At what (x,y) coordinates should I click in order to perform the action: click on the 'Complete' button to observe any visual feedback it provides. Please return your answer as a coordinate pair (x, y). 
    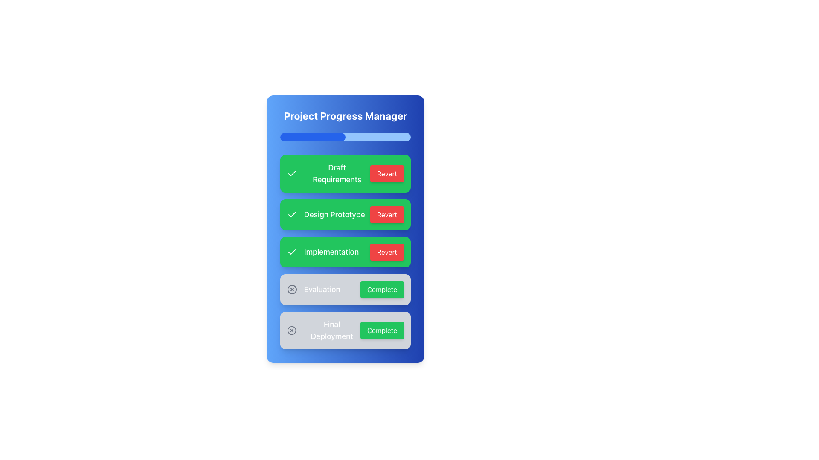
    Looking at the image, I should click on (381, 289).